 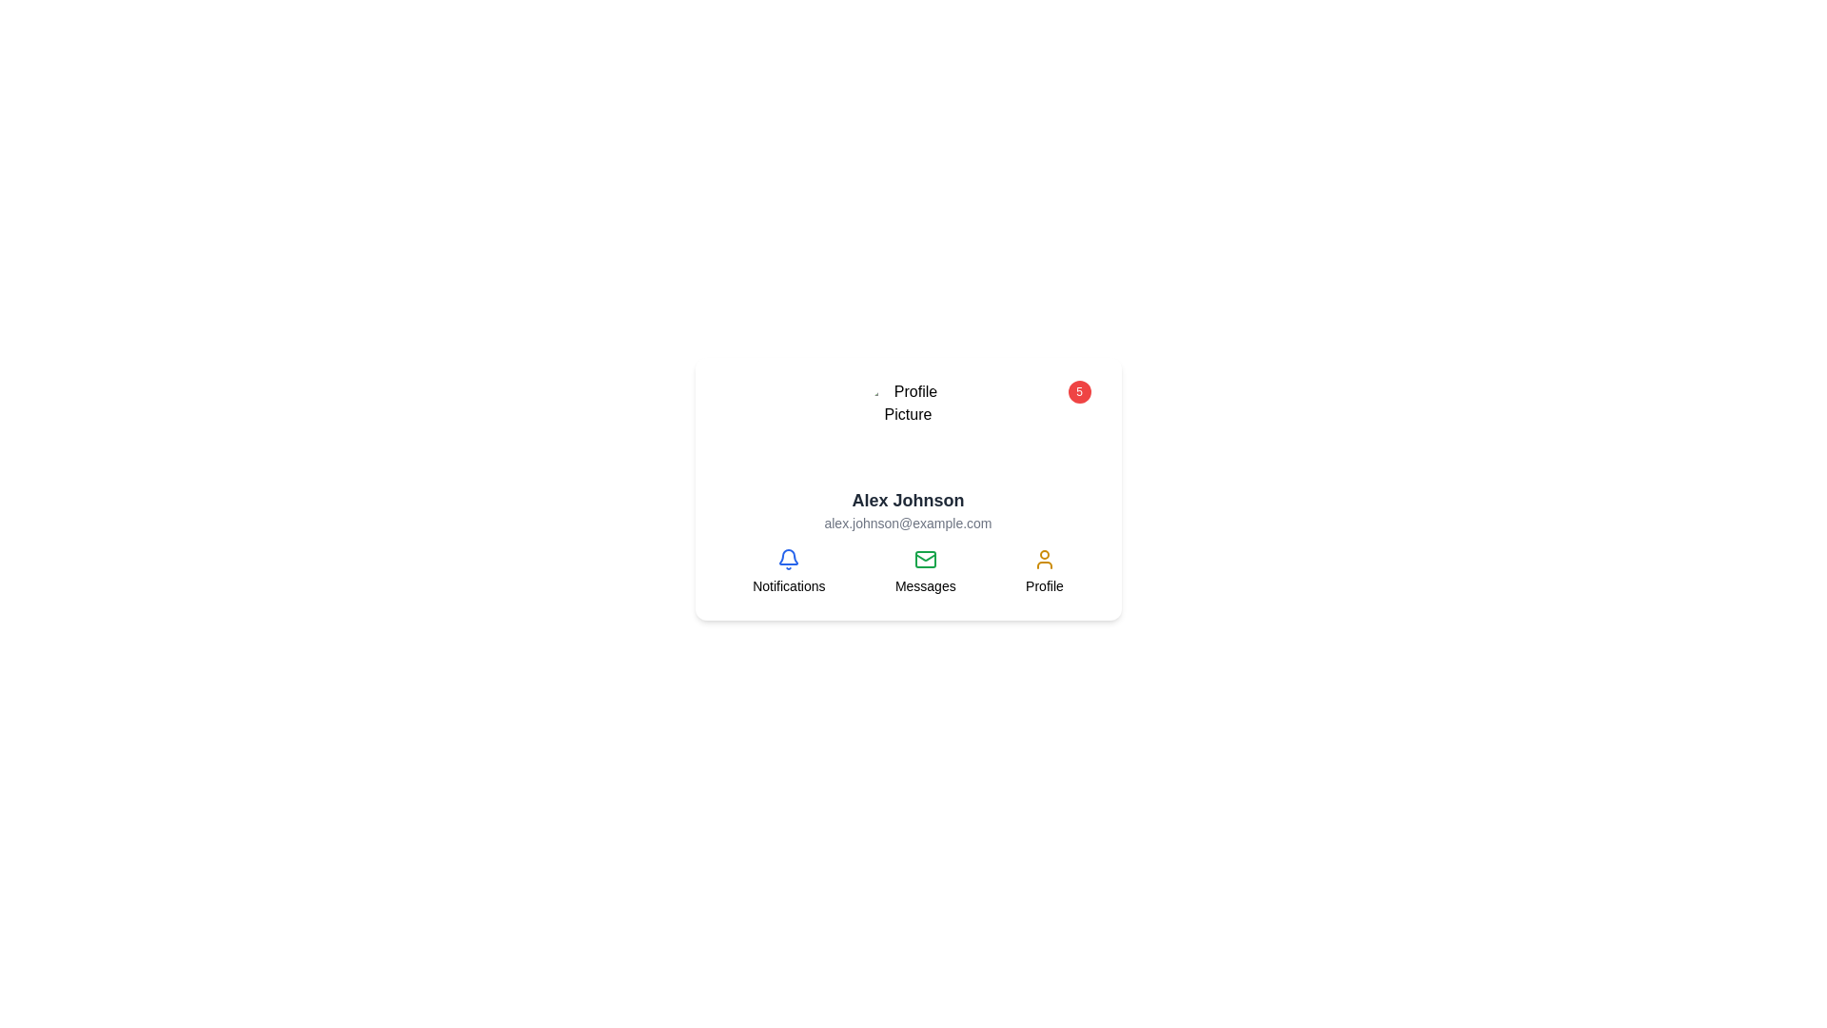 What do you see at coordinates (1043, 558) in the screenshot?
I see `the circular yellow user profile icon located above the label 'Profile'` at bounding box center [1043, 558].